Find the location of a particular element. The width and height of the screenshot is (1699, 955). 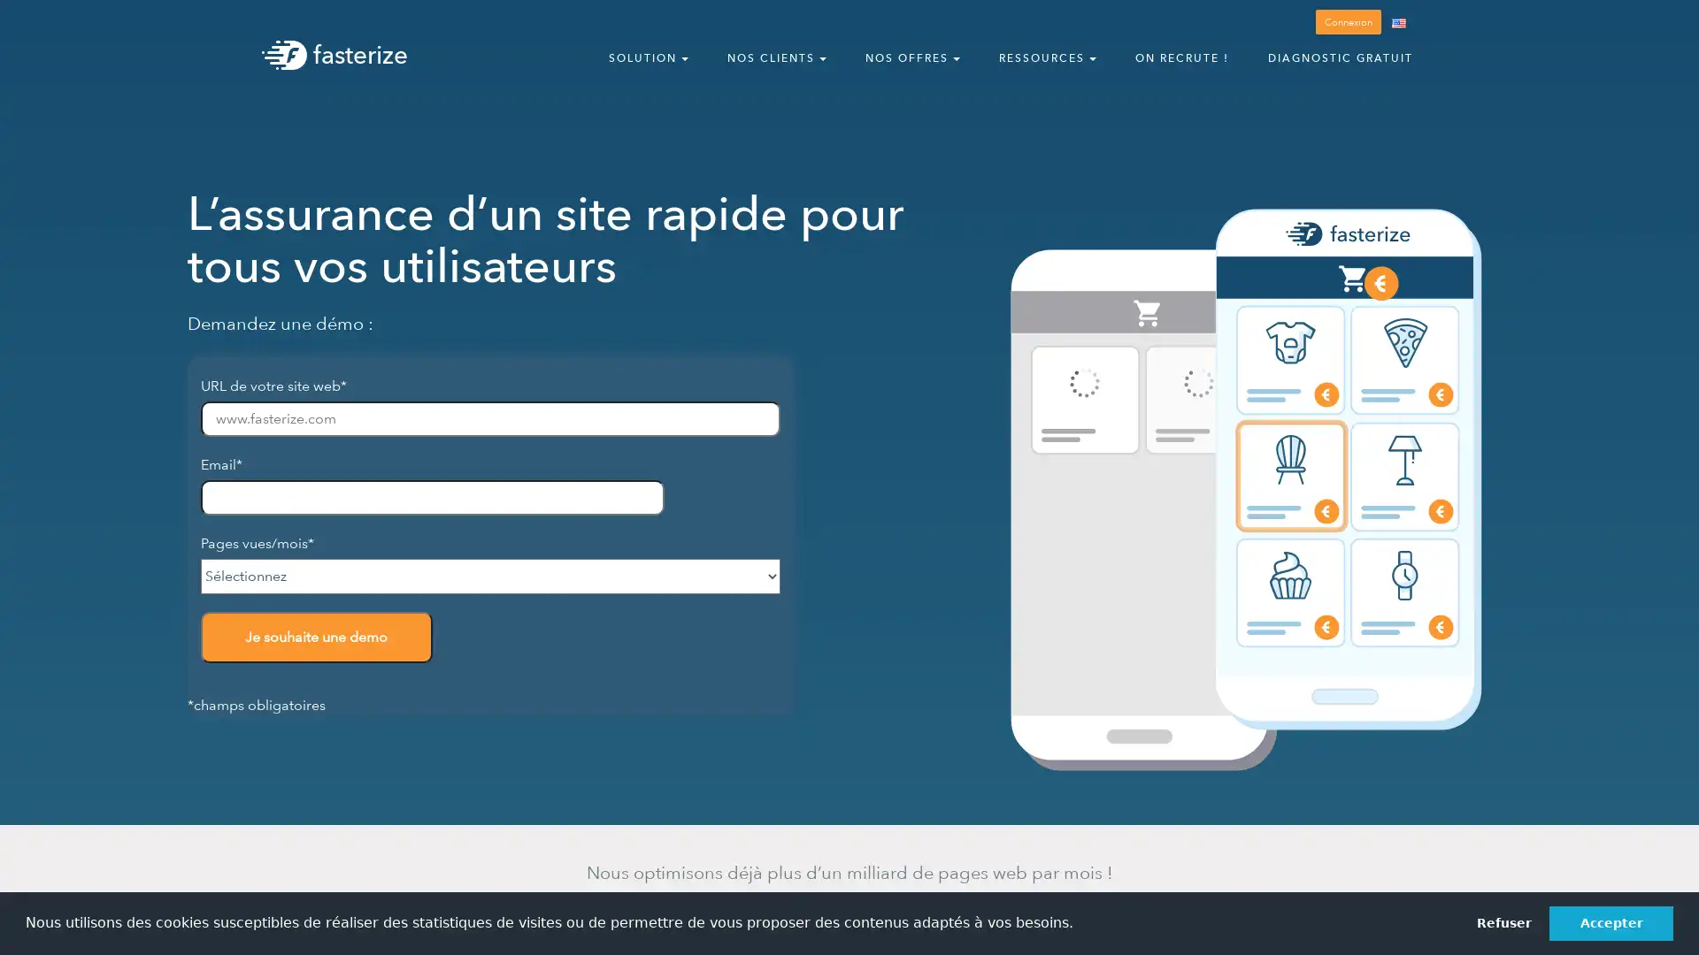

Je souhaite une demo is located at coordinates (316, 637).